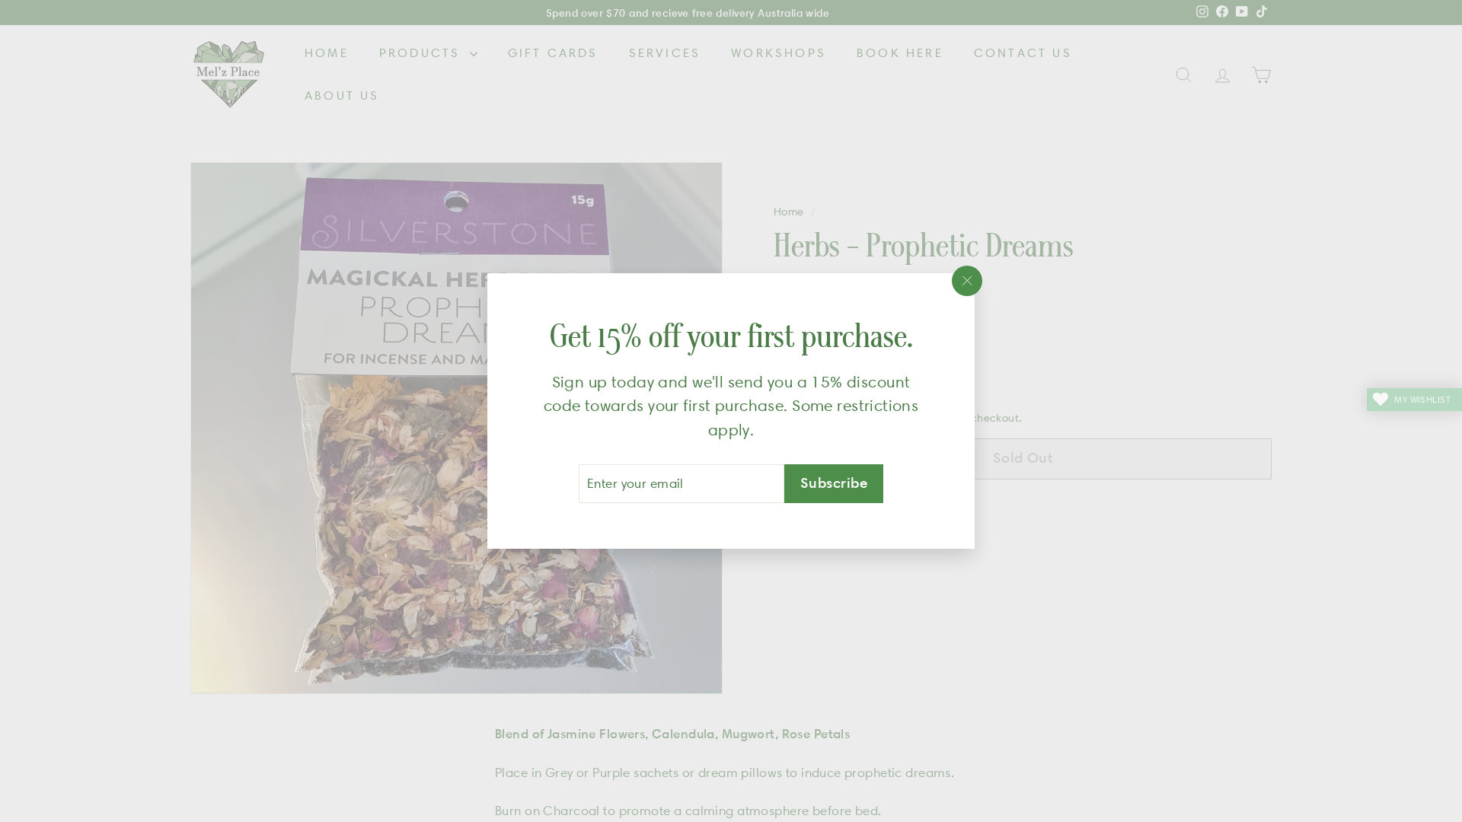 This screenshot has height=822, width=1462. Describe the element at coordinates (1183, 74) in the screenshot. I see `'SEARCH'` at that location.